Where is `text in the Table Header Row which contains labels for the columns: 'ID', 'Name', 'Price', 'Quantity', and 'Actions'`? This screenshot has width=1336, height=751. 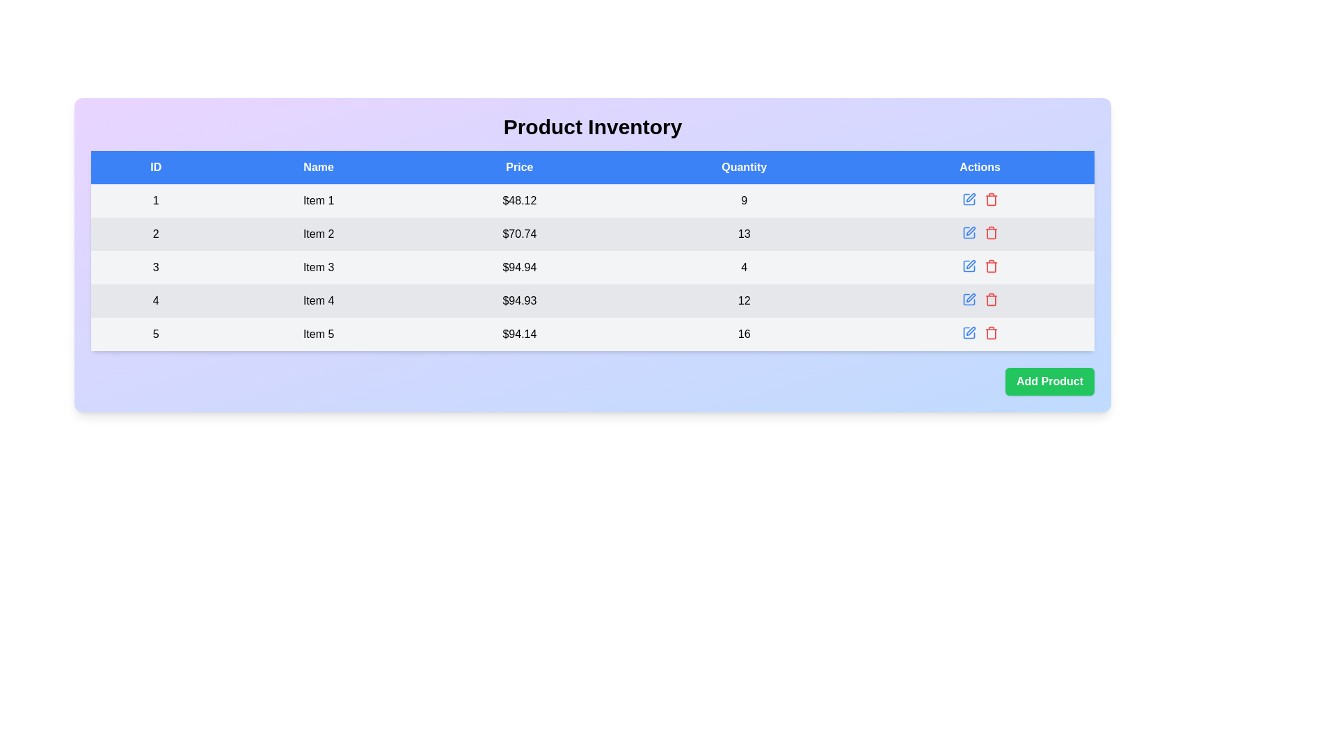
text in the Table Header Row which contains labels for the columns: 'ID', 'Name', 'Price', 'Quantity', and 'Actions' is located at coordinates (592, 166).